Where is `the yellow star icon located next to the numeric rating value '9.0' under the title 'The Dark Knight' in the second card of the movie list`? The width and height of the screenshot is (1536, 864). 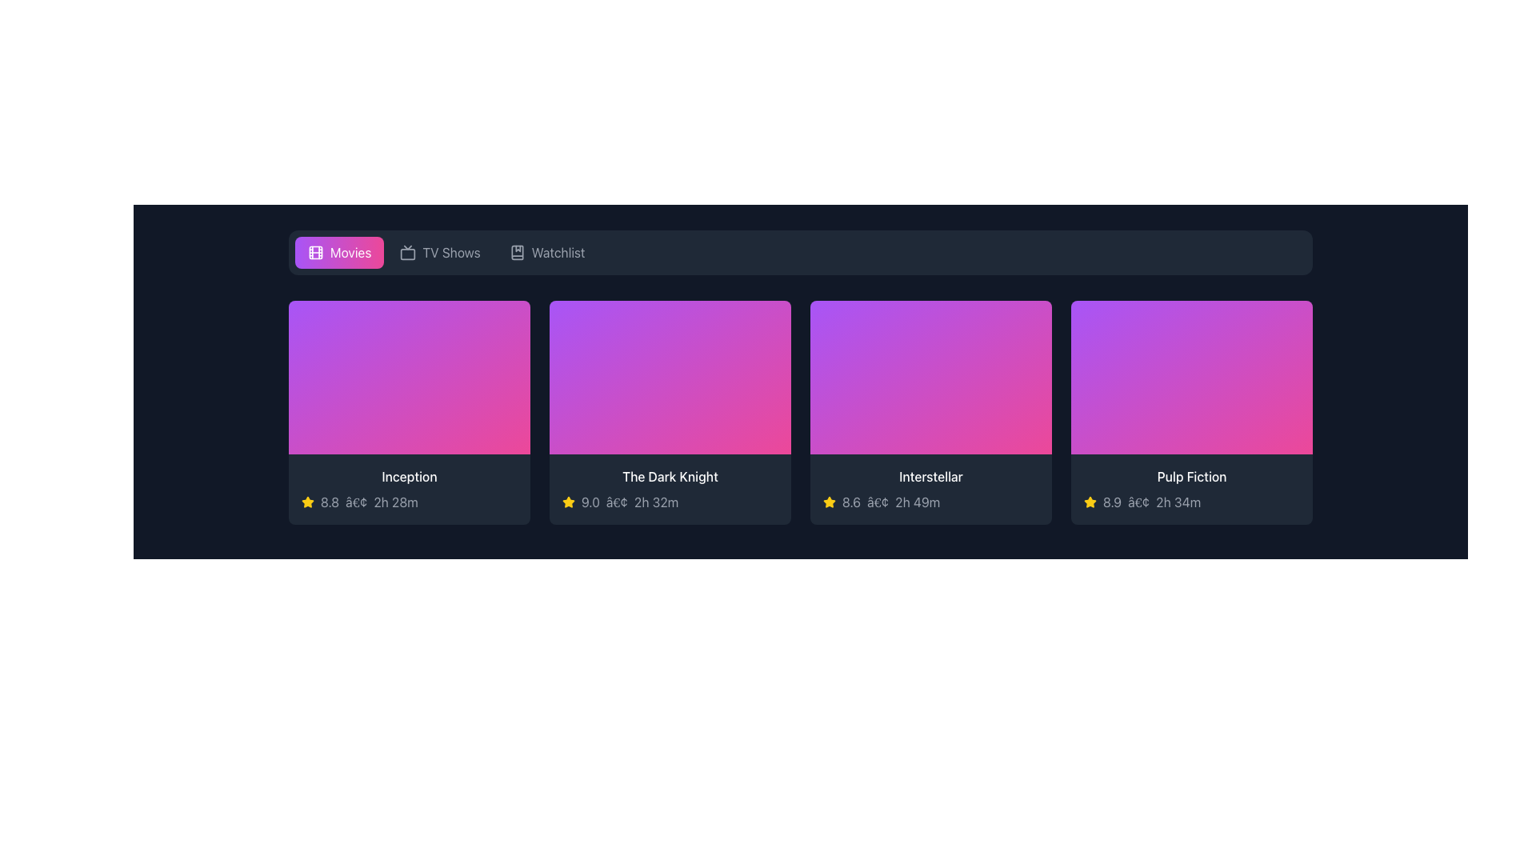 the yellow star icon located next to the numeric rating value '9.0' under the title 'The Dark Knight' in the second card of the movie list is located at coordinates (568, 502).